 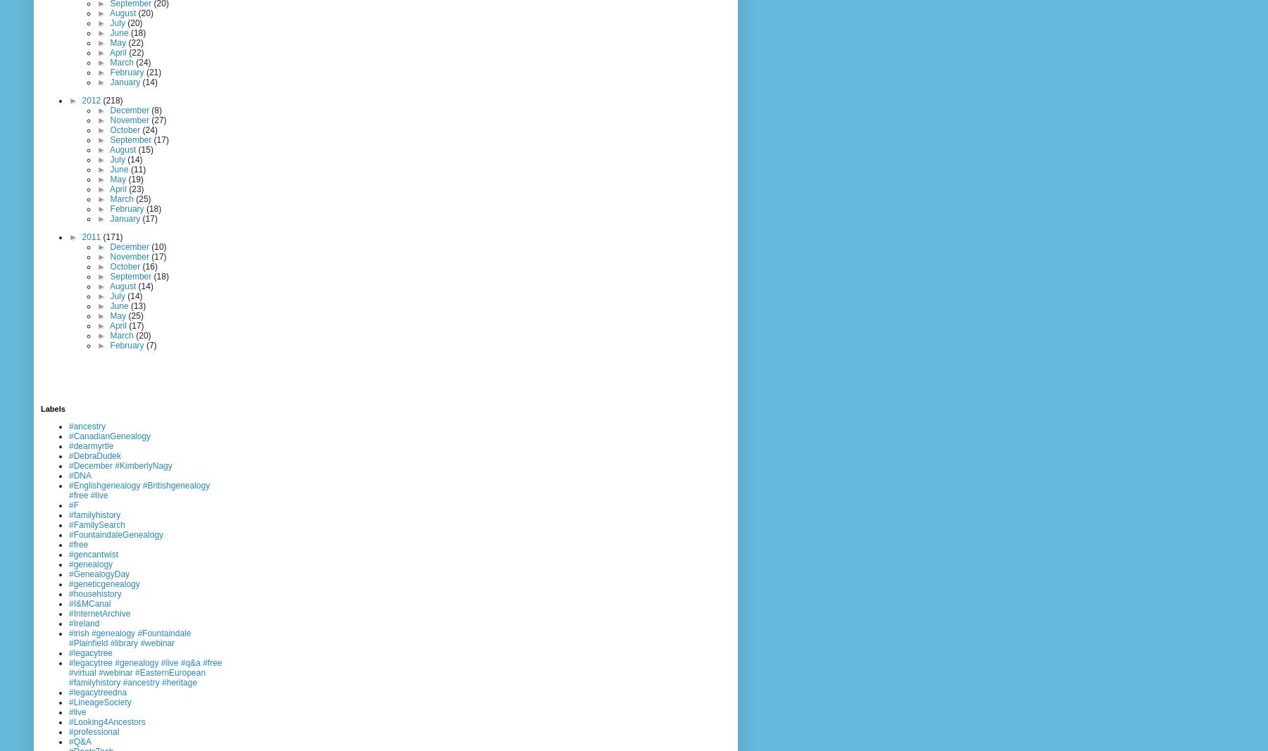 I want to click on '#DebraDudek', so click(x=95, y=455).